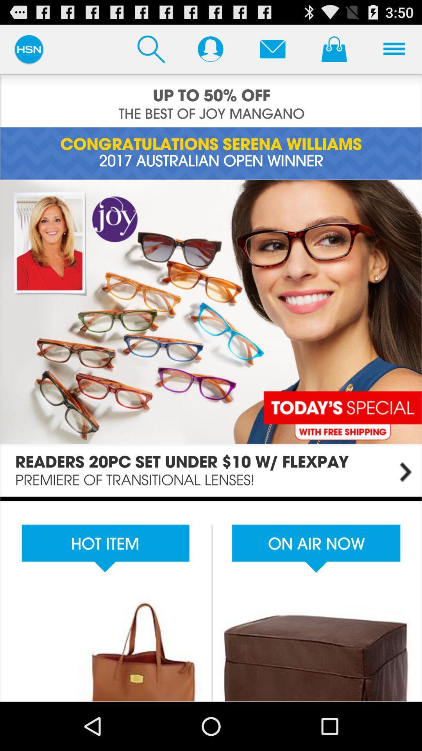 This screenshot has height=751, width=422. What do you see at coordinates (211, 100) in the screenshot?
I see `adding advertisement` at bounding box center [211, 100].